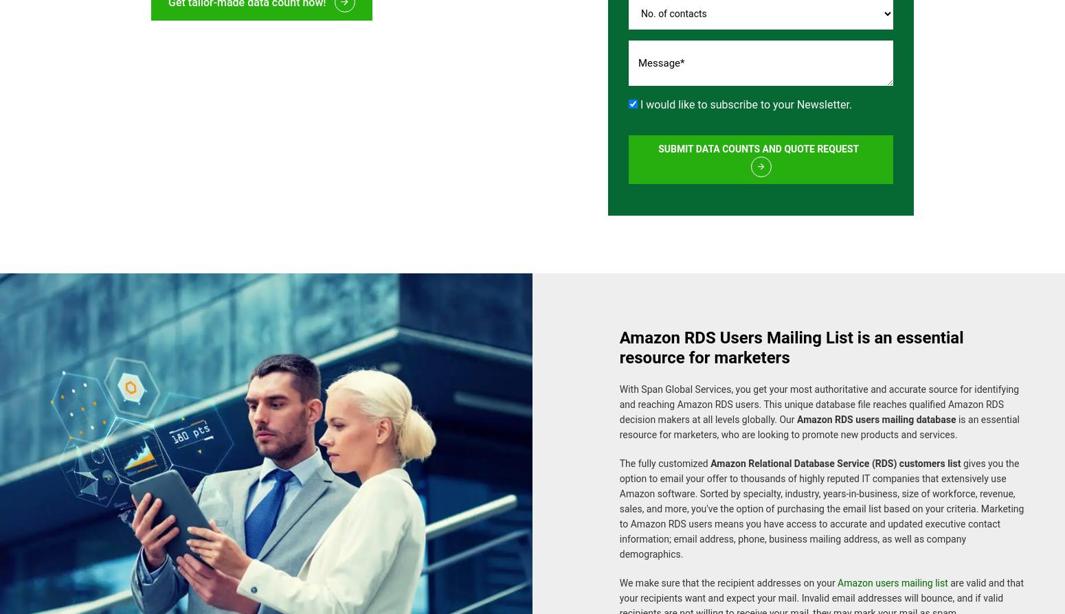 This screenshot has height=614, width=1065. What do you see at coordinates (818, 419) in the screenshot?
I see `'is an essential resource for marketers, who are looking to promote new products and services.'` at bounding box center [818, 419].